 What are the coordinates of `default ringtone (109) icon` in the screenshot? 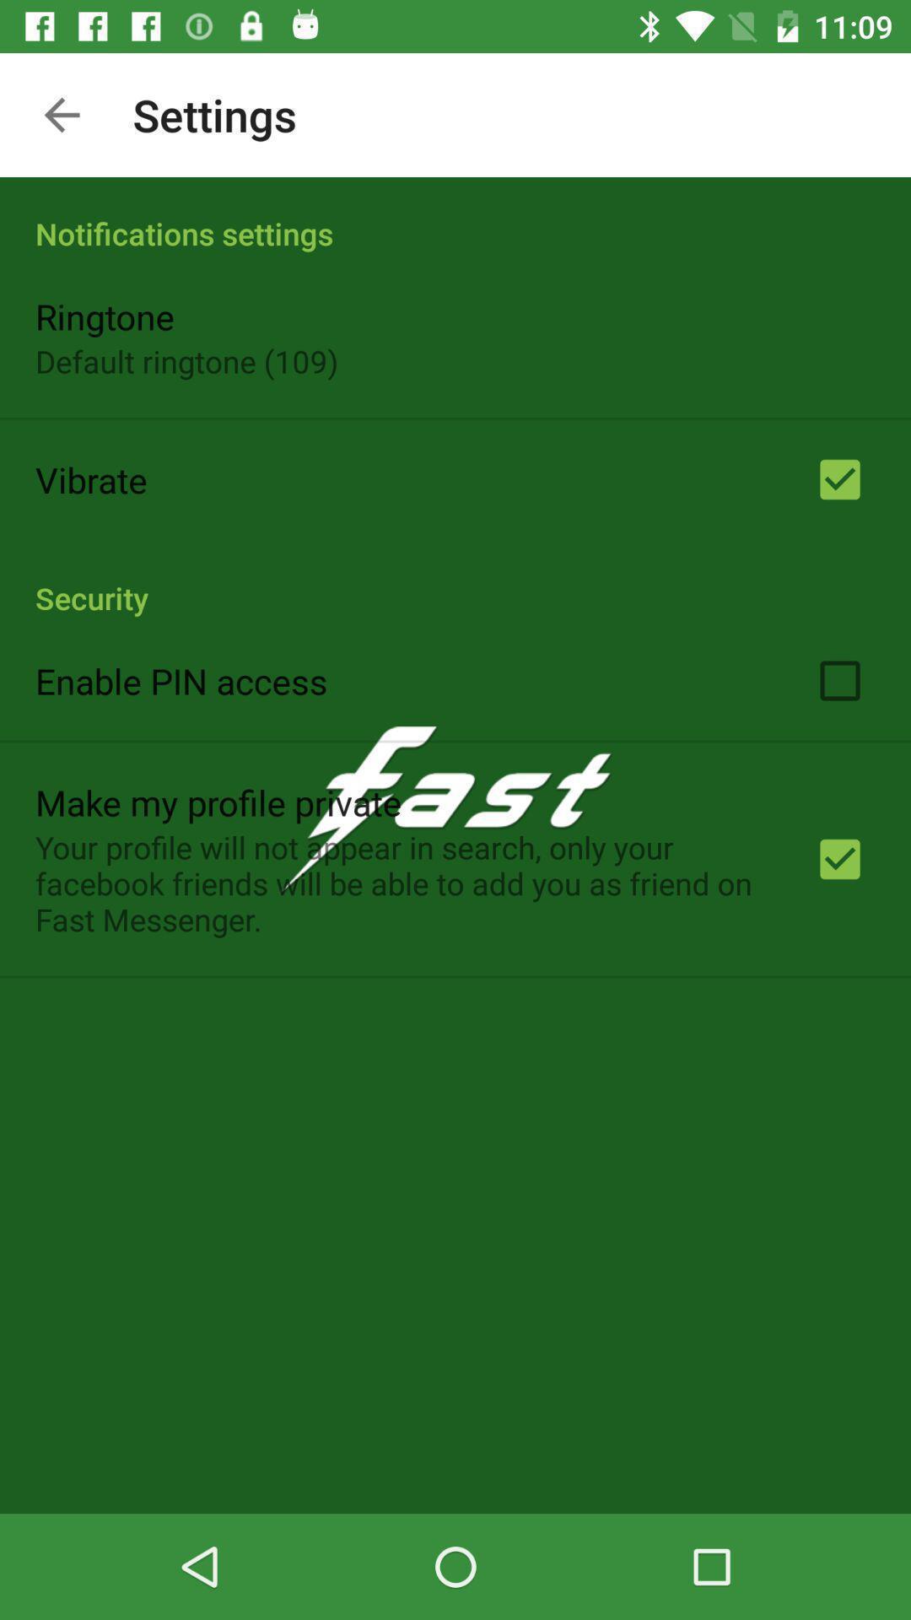 It's located at (186, 360).